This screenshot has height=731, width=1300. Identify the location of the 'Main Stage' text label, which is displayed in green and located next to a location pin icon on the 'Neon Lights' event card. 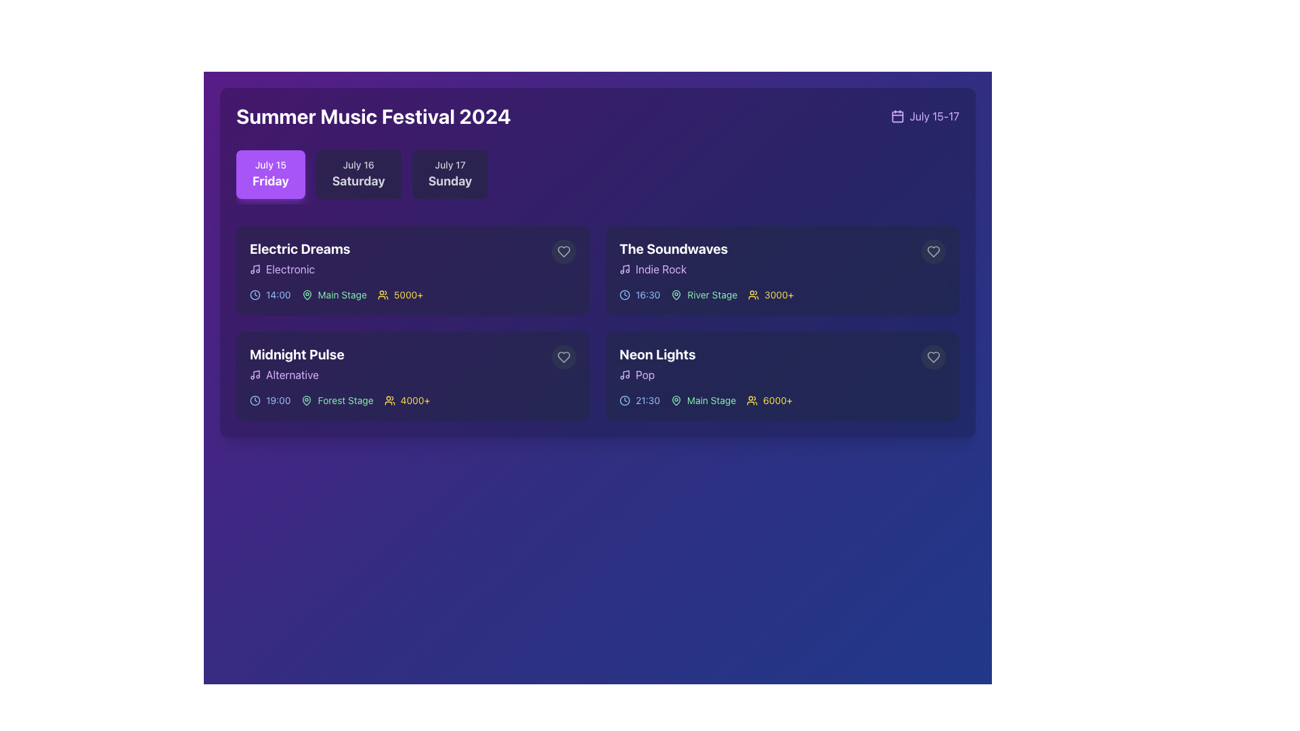
(711, 399).